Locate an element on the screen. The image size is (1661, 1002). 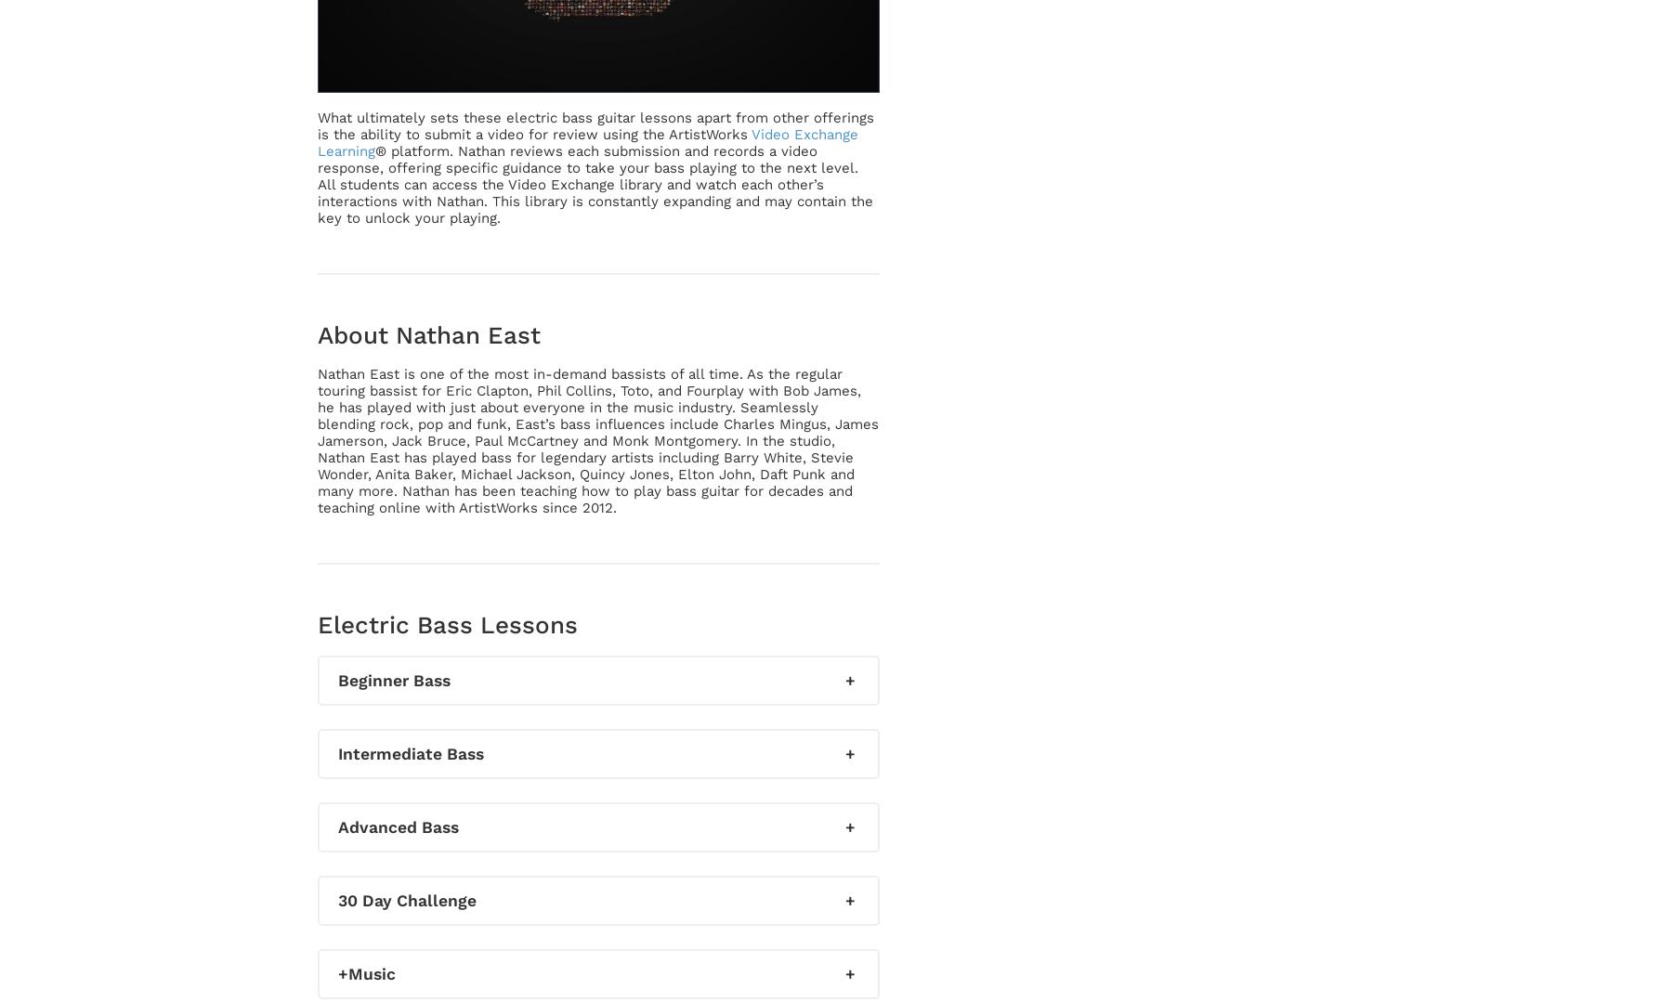
'Intermediate Bass' is located at coordinates (410, 752).